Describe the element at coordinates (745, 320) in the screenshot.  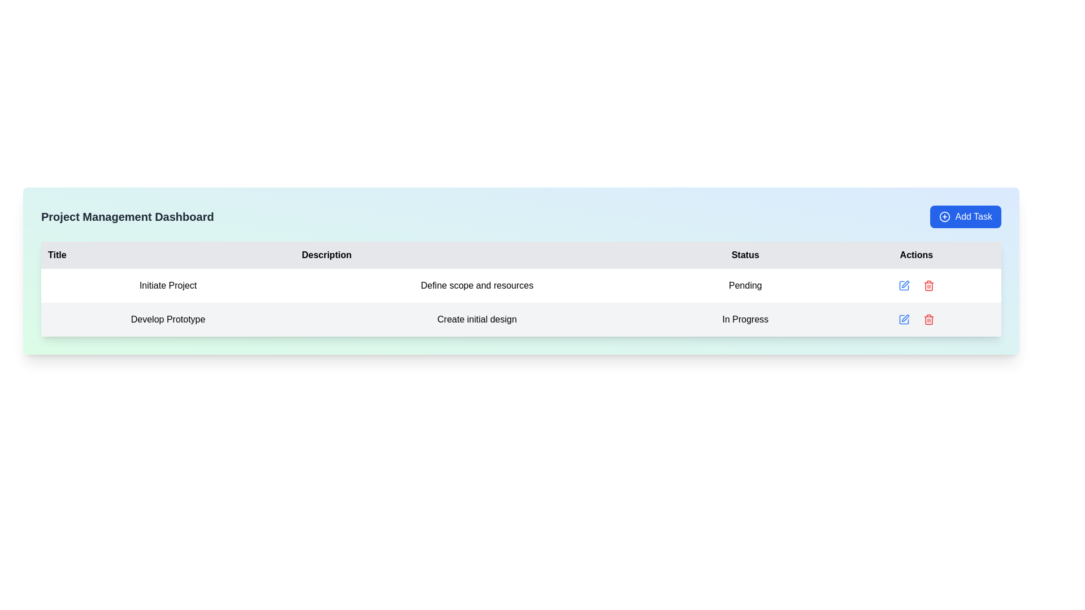
I see `the static text label indicating the progress status of the task 'Develop Prototype' in the second row and third column of the table layout` at that location.